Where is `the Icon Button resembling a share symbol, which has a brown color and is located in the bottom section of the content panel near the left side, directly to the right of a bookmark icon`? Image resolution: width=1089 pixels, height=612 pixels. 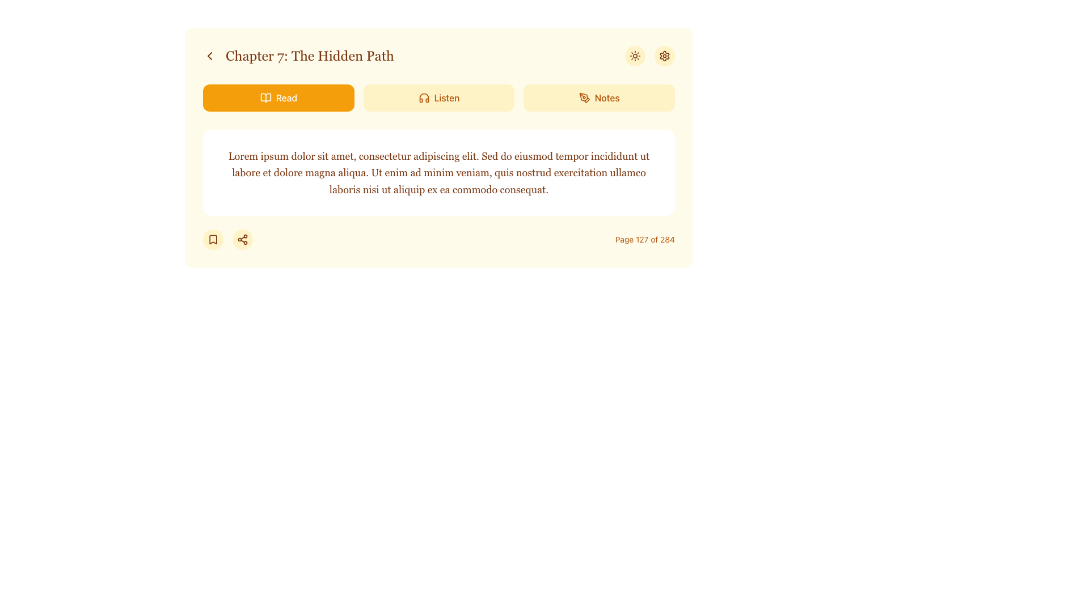
the Icon Button resembling a share symbol, which has a brown color and is located in the bottom section of the content panel near the left side, directly to the right of a bookmark icon is located at coordinates (242, 238).